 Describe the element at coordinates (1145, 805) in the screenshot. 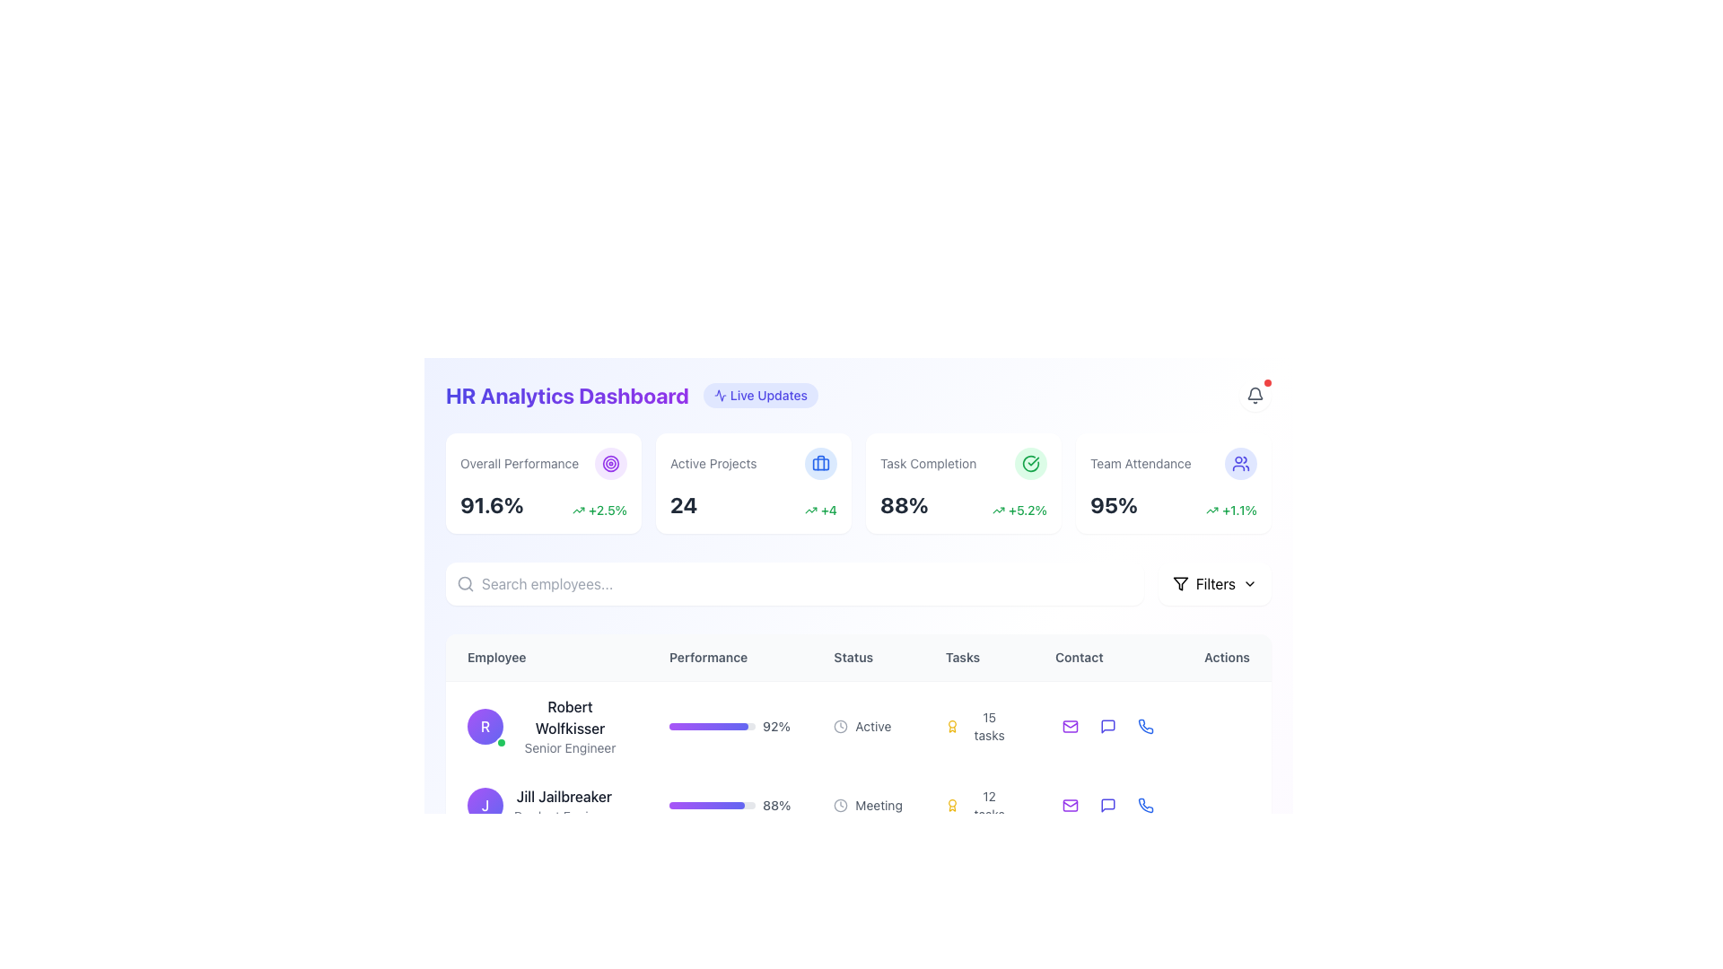

I see `the blue phone icon located in the contact section of the table row to initiate a phone call` at that location.